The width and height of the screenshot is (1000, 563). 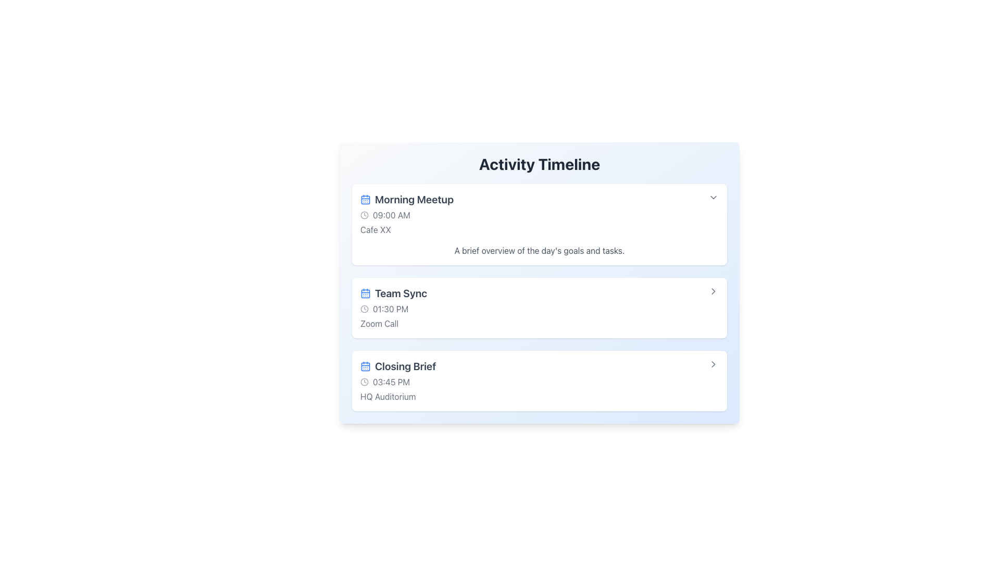 I want to click on text label containing 'A brief overview of the day's goals and tasks.' located at the bottom of the 'Morning Meetup' entry in the 'Activity Timeline', so click(x=540, y=251).